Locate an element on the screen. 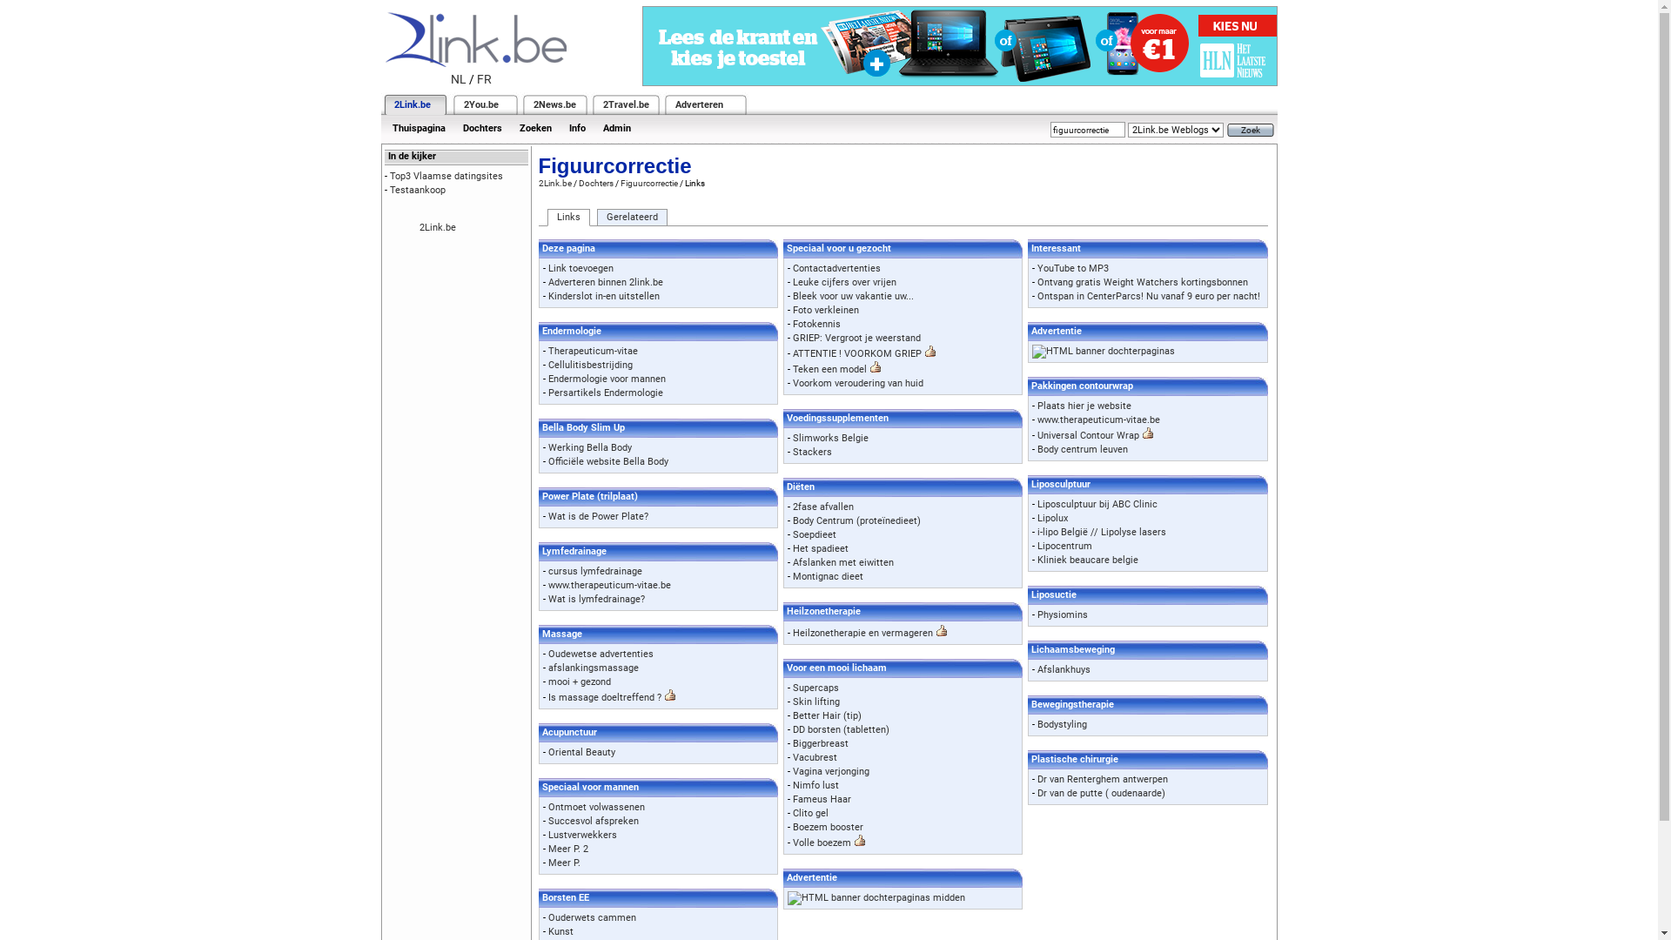  'Kliniek beaucare belgie' is located at coordinates (1086, 560).